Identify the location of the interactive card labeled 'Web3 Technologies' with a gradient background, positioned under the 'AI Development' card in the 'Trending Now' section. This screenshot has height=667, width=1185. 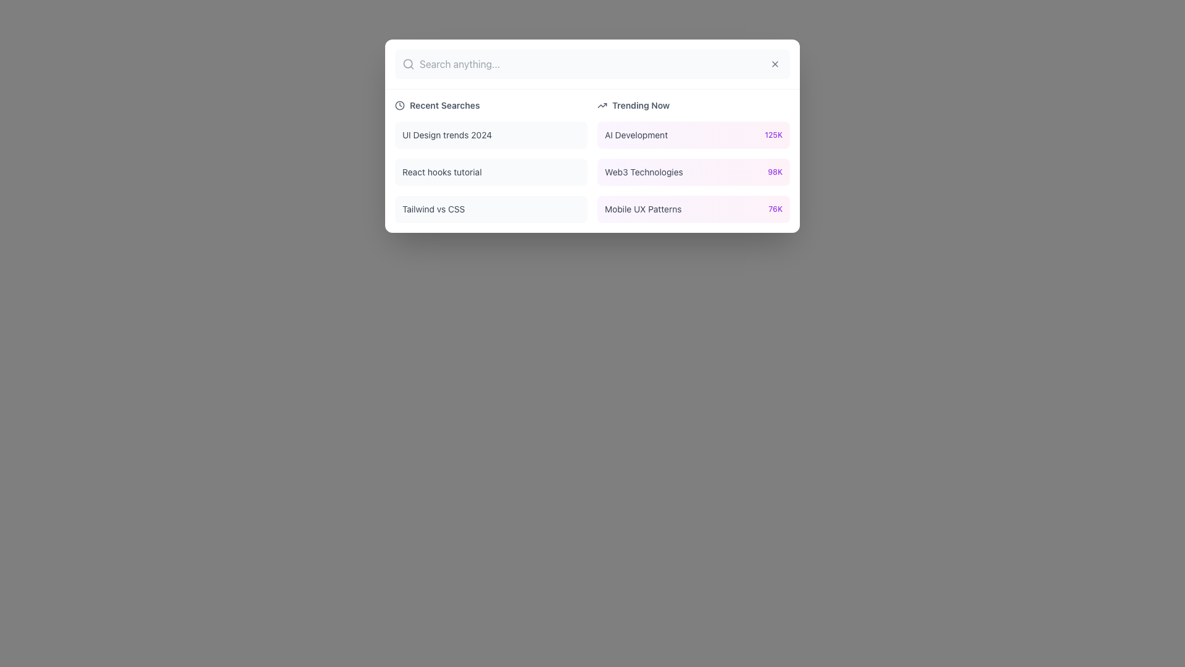
(693, 172).